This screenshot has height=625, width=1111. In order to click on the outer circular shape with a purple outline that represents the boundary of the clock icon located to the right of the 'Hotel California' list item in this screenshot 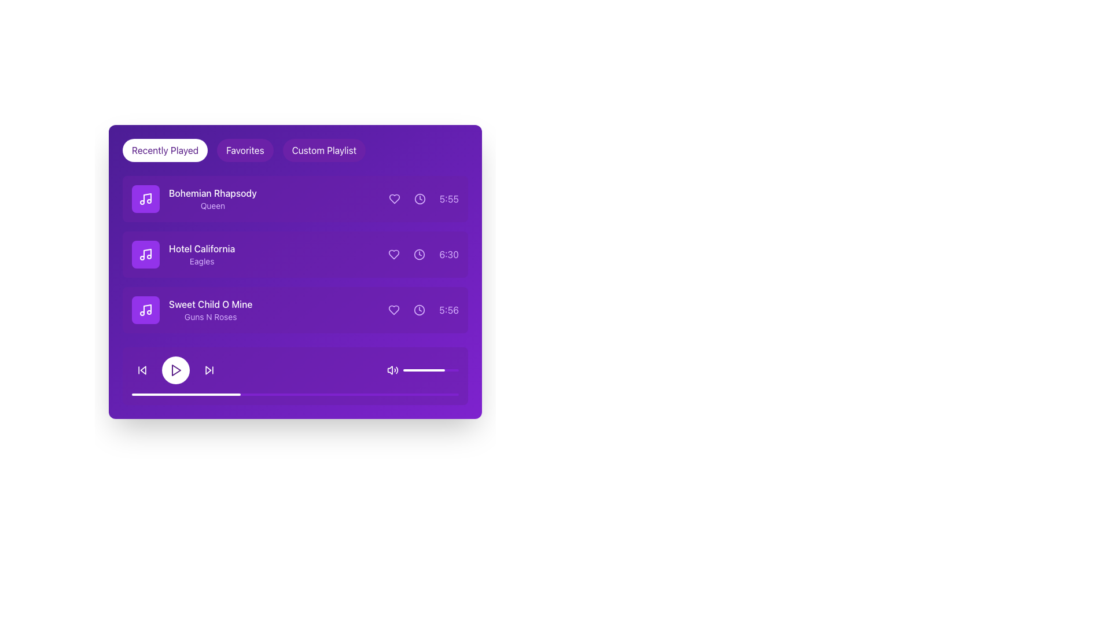, I will do `click(419, 253)`.